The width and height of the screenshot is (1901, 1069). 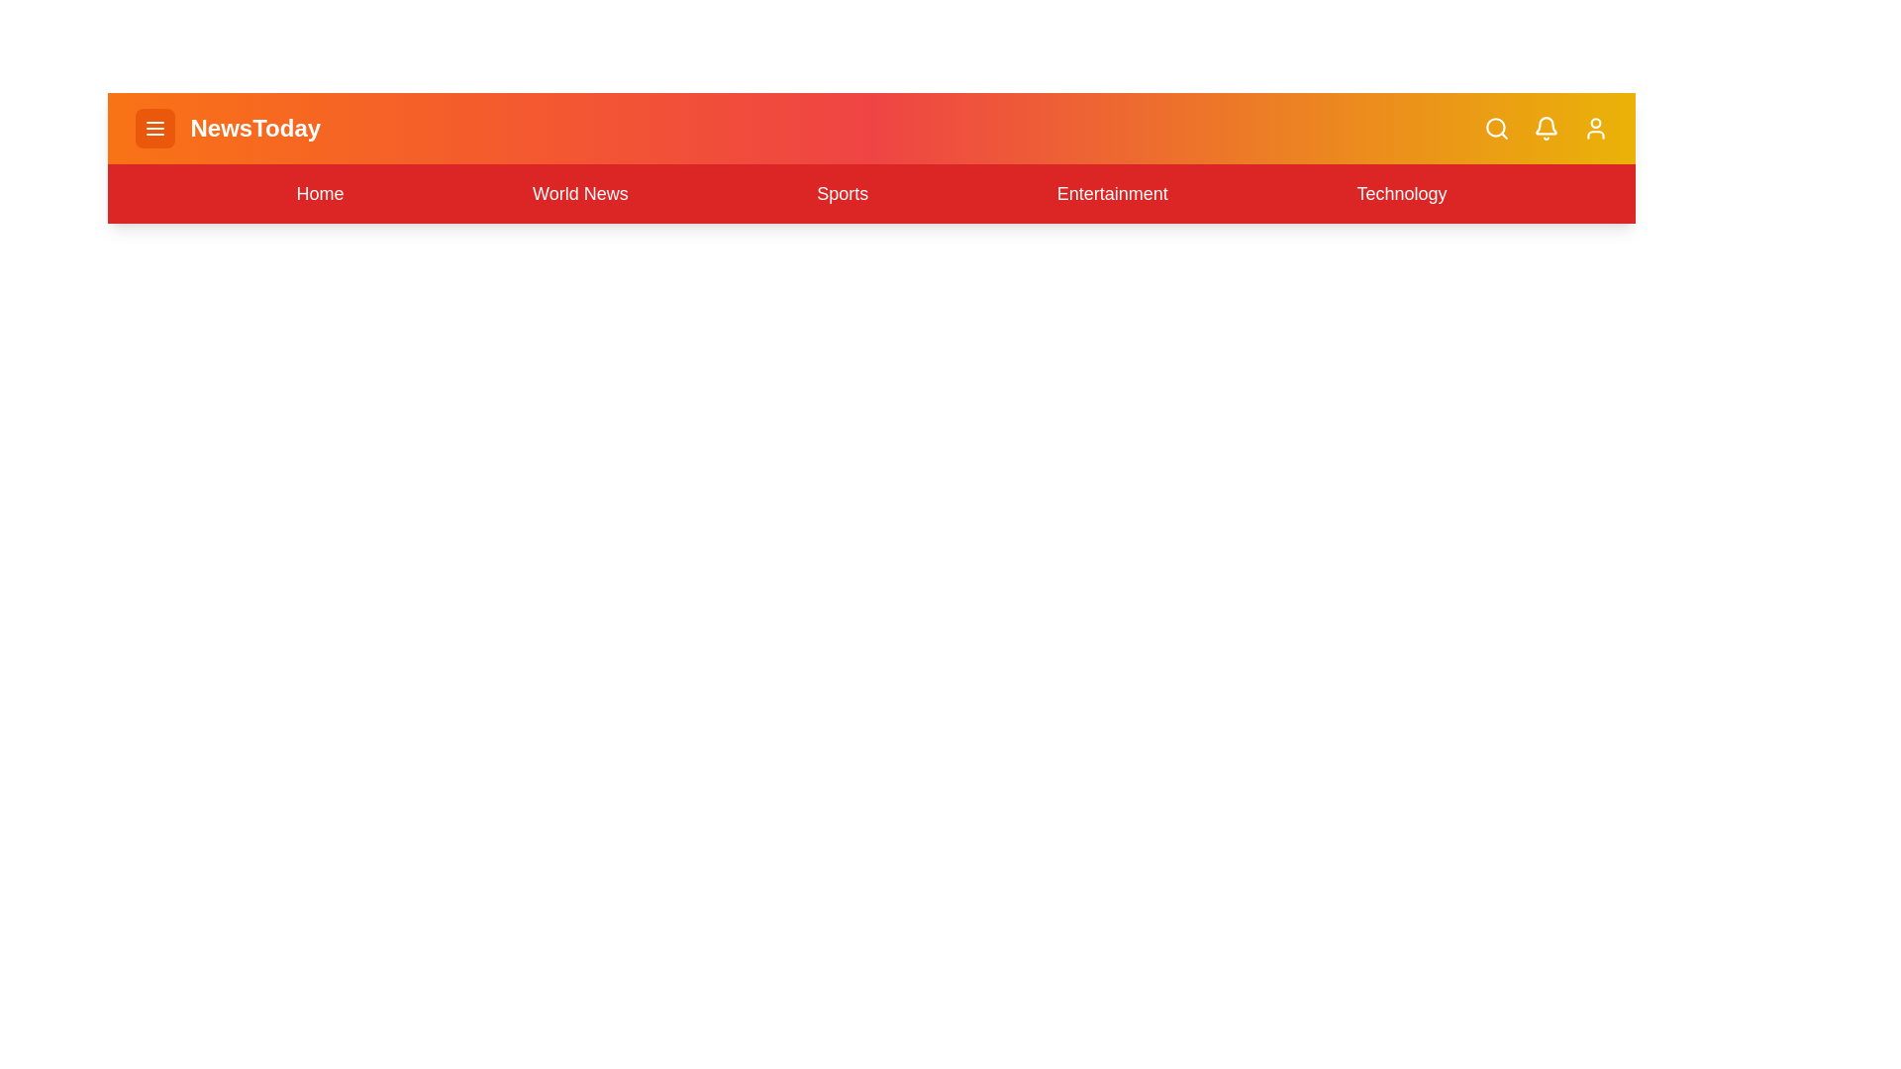 What do you see at coordinates (1496, 129) in the screenshot?
I see `the search button` at bounding box center [1496, 129].